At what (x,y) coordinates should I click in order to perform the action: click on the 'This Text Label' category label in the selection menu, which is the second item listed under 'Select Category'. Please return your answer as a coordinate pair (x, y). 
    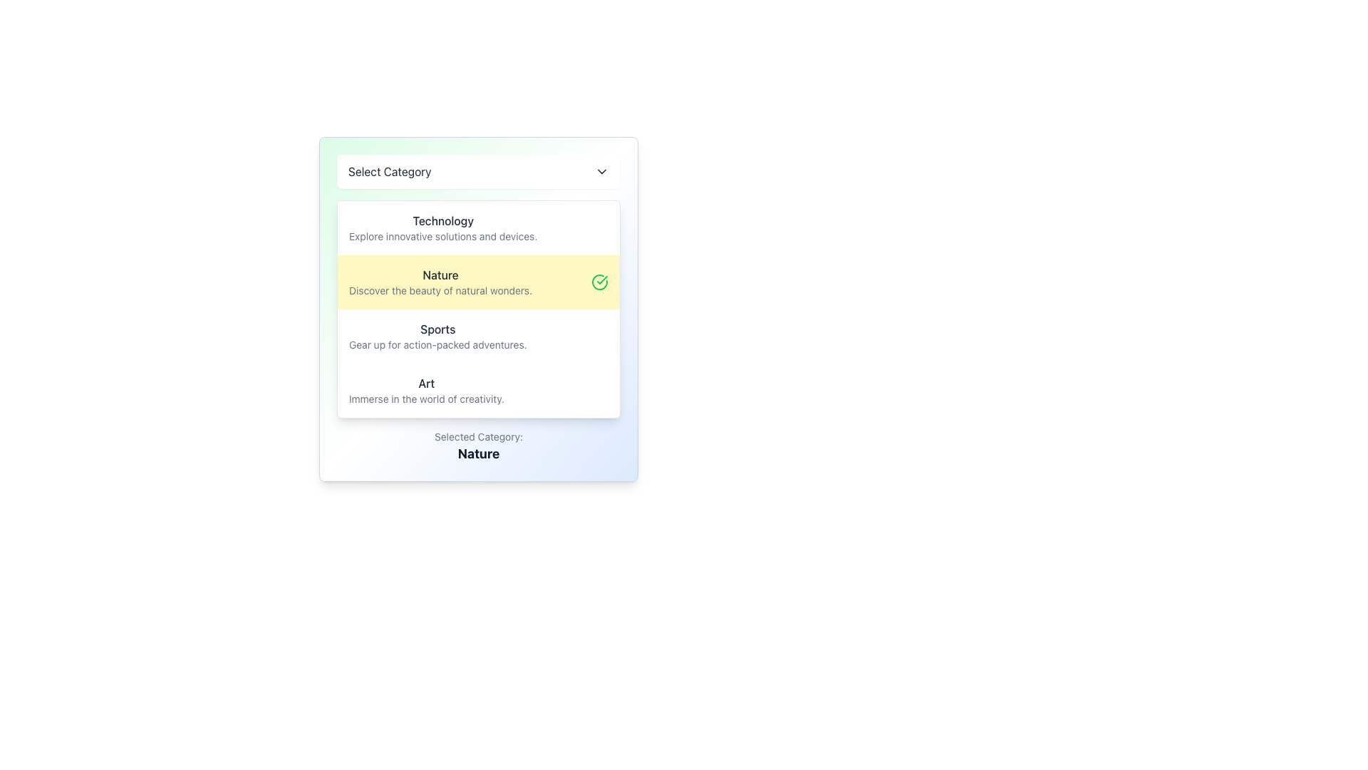
    Looking at the image, I should click on (440, 274).